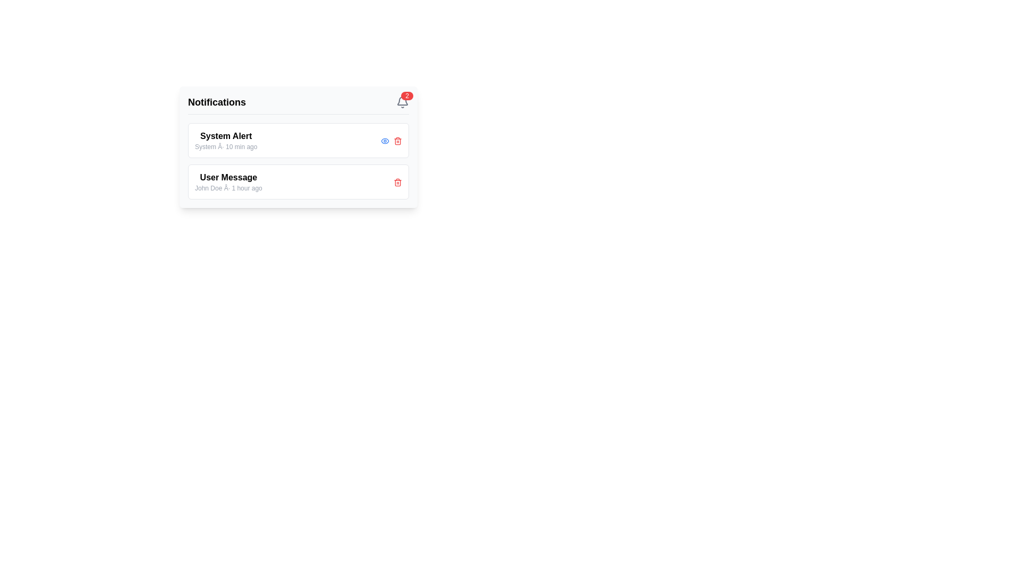 The image size is (1020, 573). Describe the element at coordinates (406, 96) in the screenshot. I see `the red badge icon indicating the count of notifications associated with the bell icon in the notifications section` at that location.